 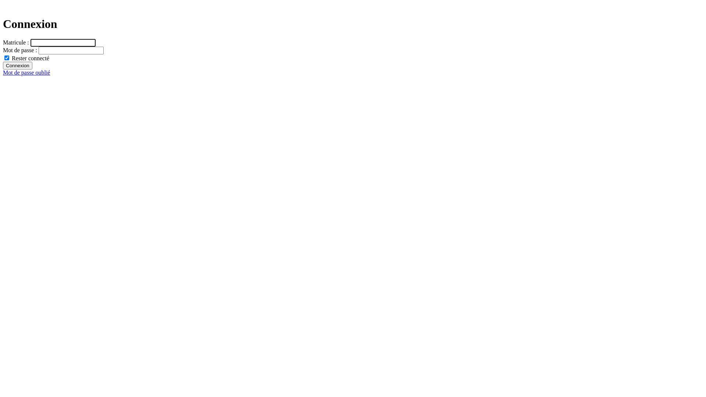 I want to click on 'Connexion', so click(x=18, y=65).